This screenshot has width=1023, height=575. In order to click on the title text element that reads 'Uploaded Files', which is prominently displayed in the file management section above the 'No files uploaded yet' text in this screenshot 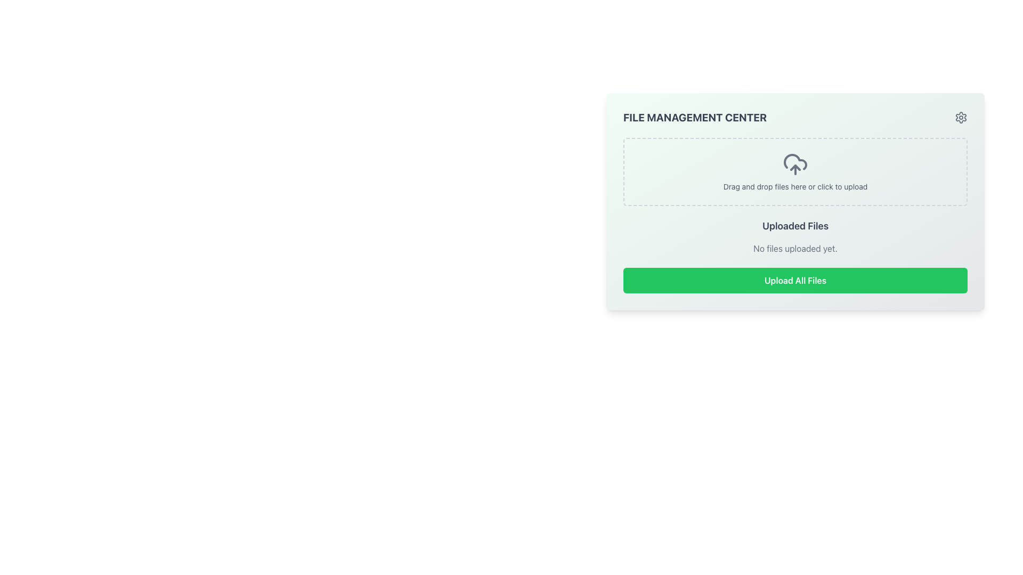, I will do `click(795, 225)`.